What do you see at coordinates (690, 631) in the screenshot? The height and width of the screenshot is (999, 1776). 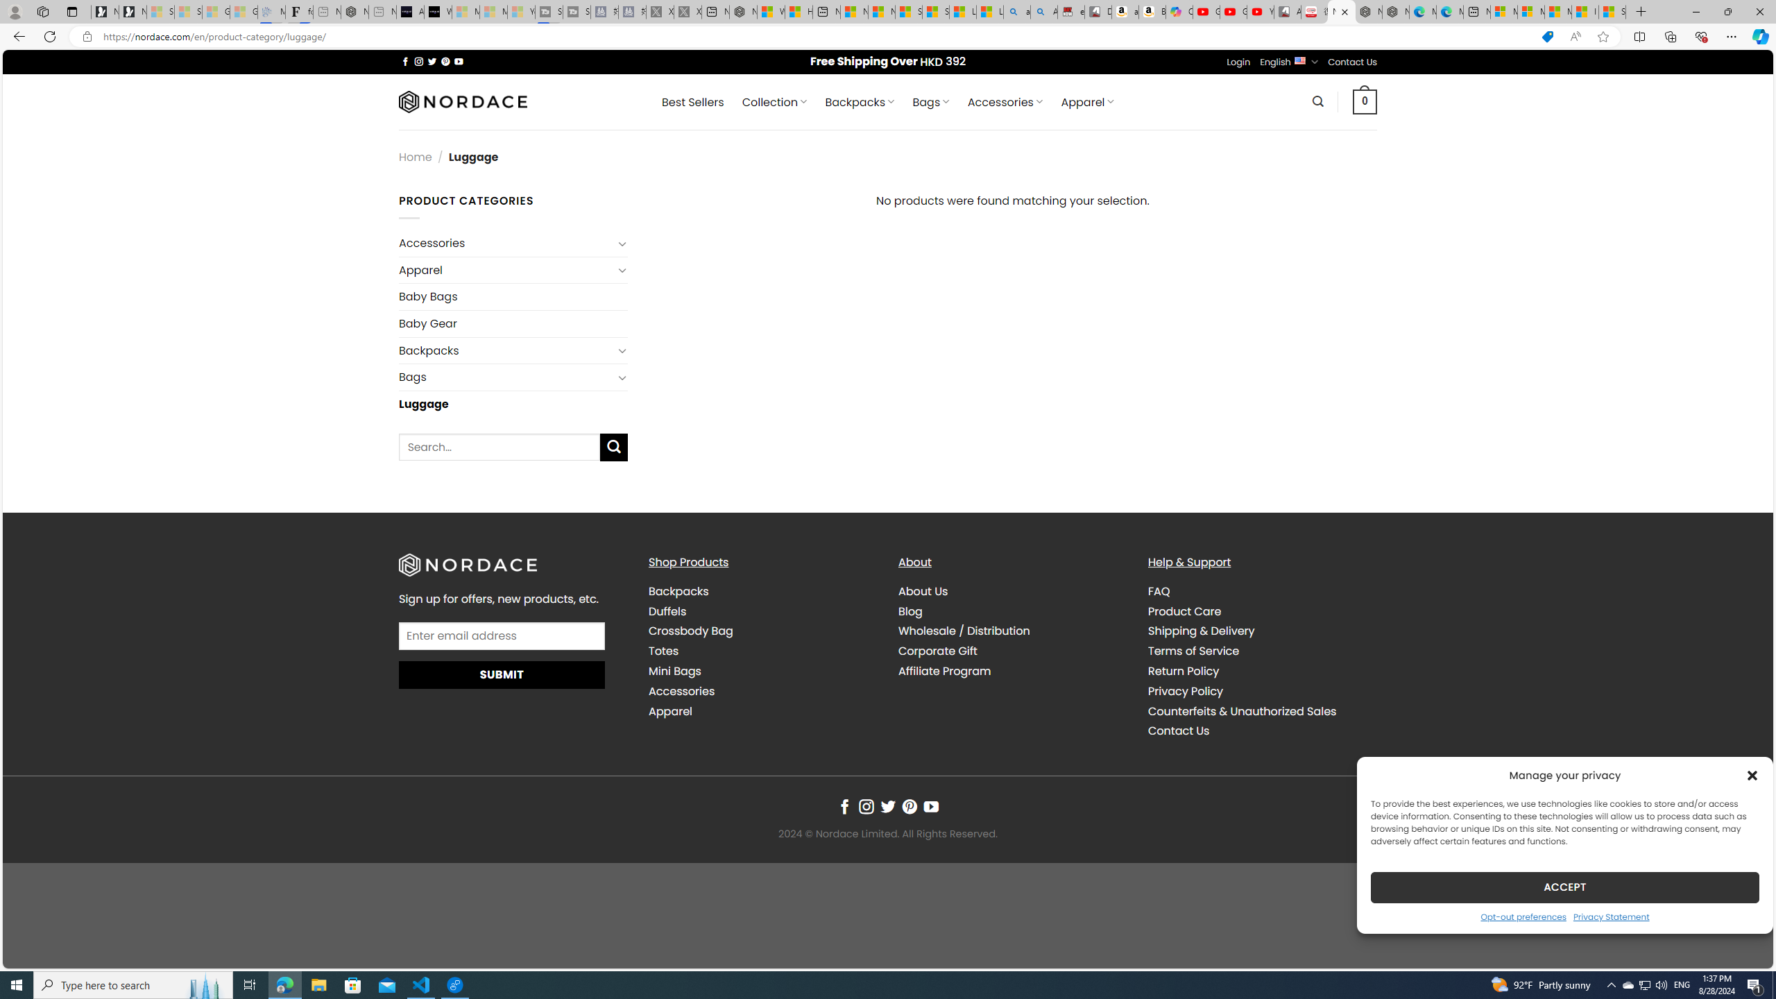 I see `'Crossbody Bag'` at bounding box center [690, 631].